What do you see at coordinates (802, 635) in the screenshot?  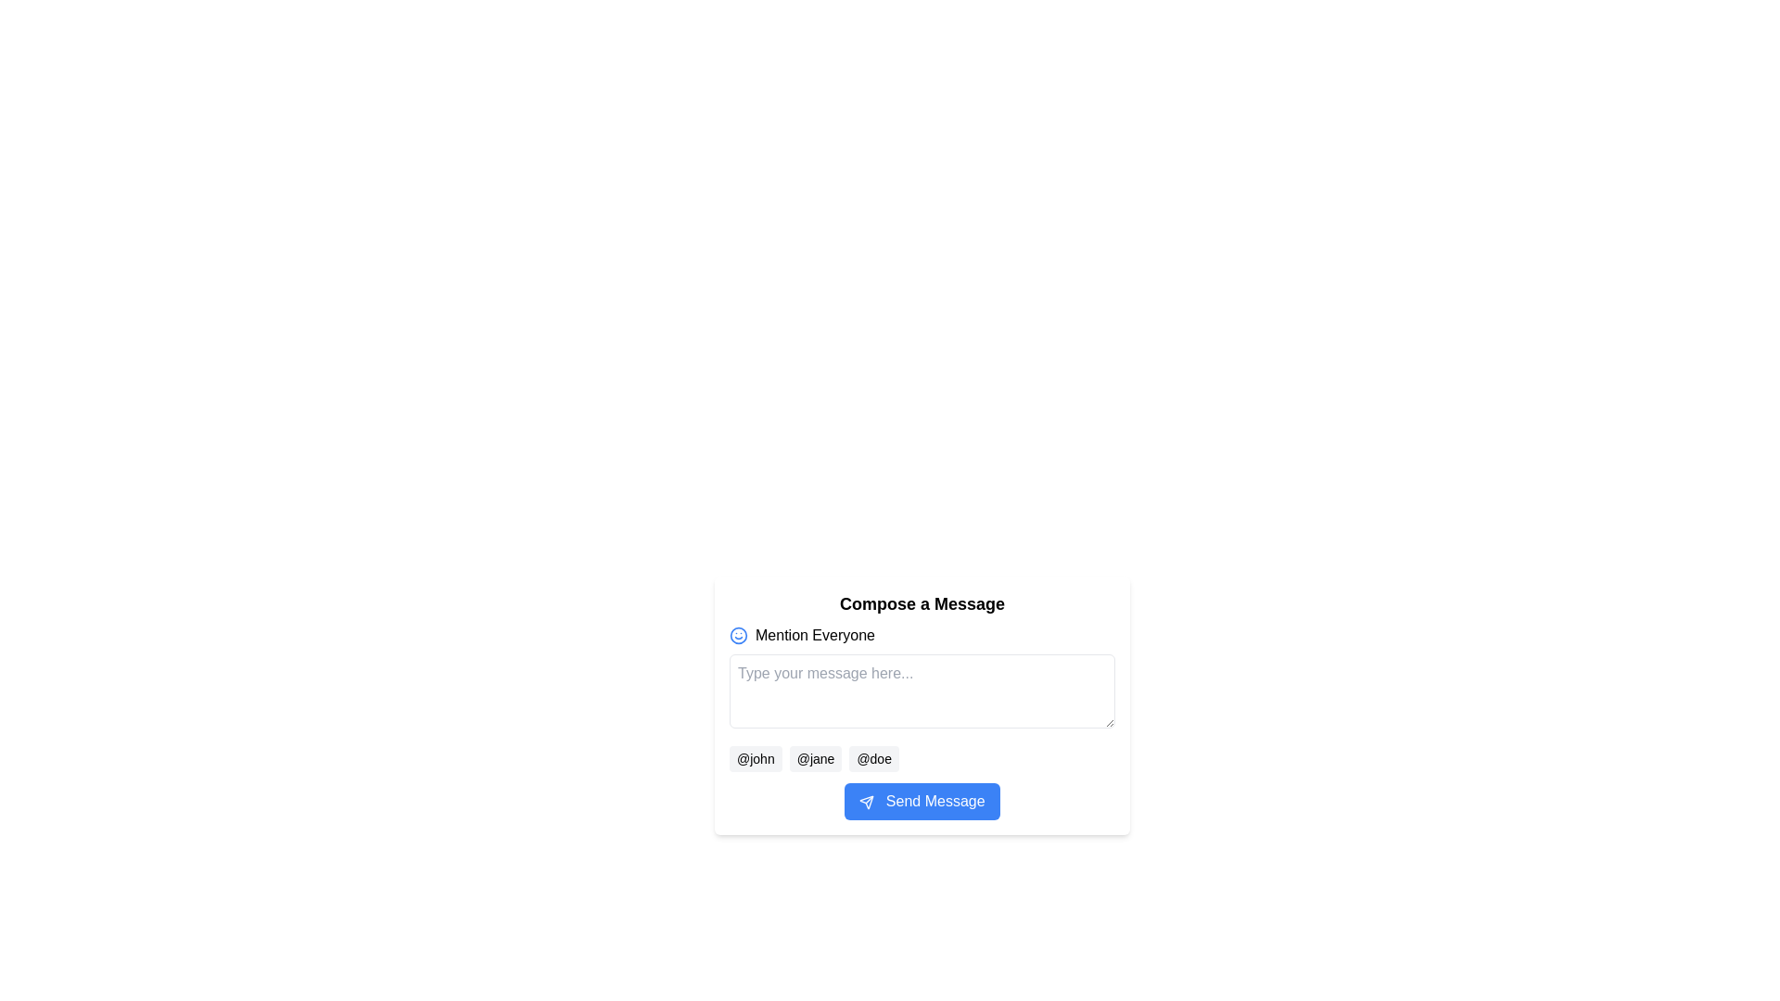 I see `the 'Mention Everyone' button, which features a blue circular smiley icon followed by the text in black, located near the top of the message composition panel` at bounding box center [802, 635].